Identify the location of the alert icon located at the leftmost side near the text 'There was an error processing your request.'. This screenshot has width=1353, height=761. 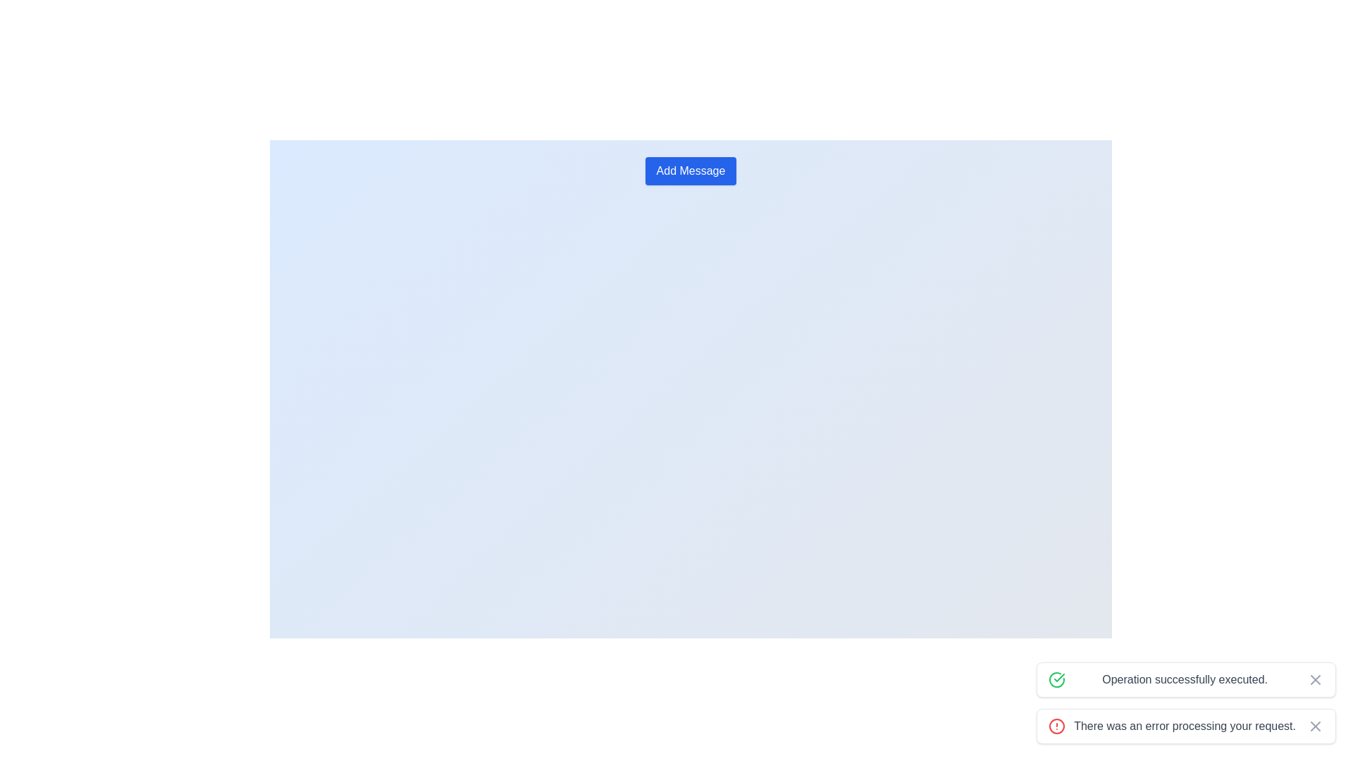
(1057, 726).